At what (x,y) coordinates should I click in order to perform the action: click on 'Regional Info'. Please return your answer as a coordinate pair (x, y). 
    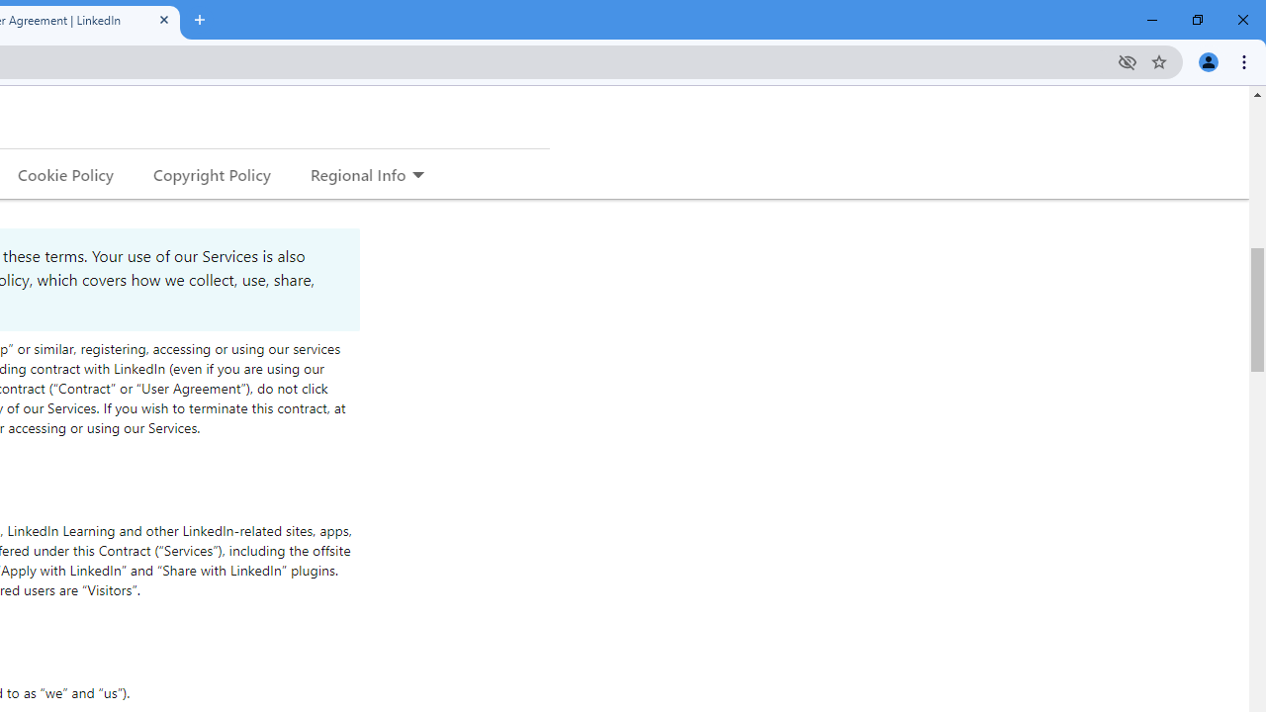
    Looking at the image, I should click on (358, 173).